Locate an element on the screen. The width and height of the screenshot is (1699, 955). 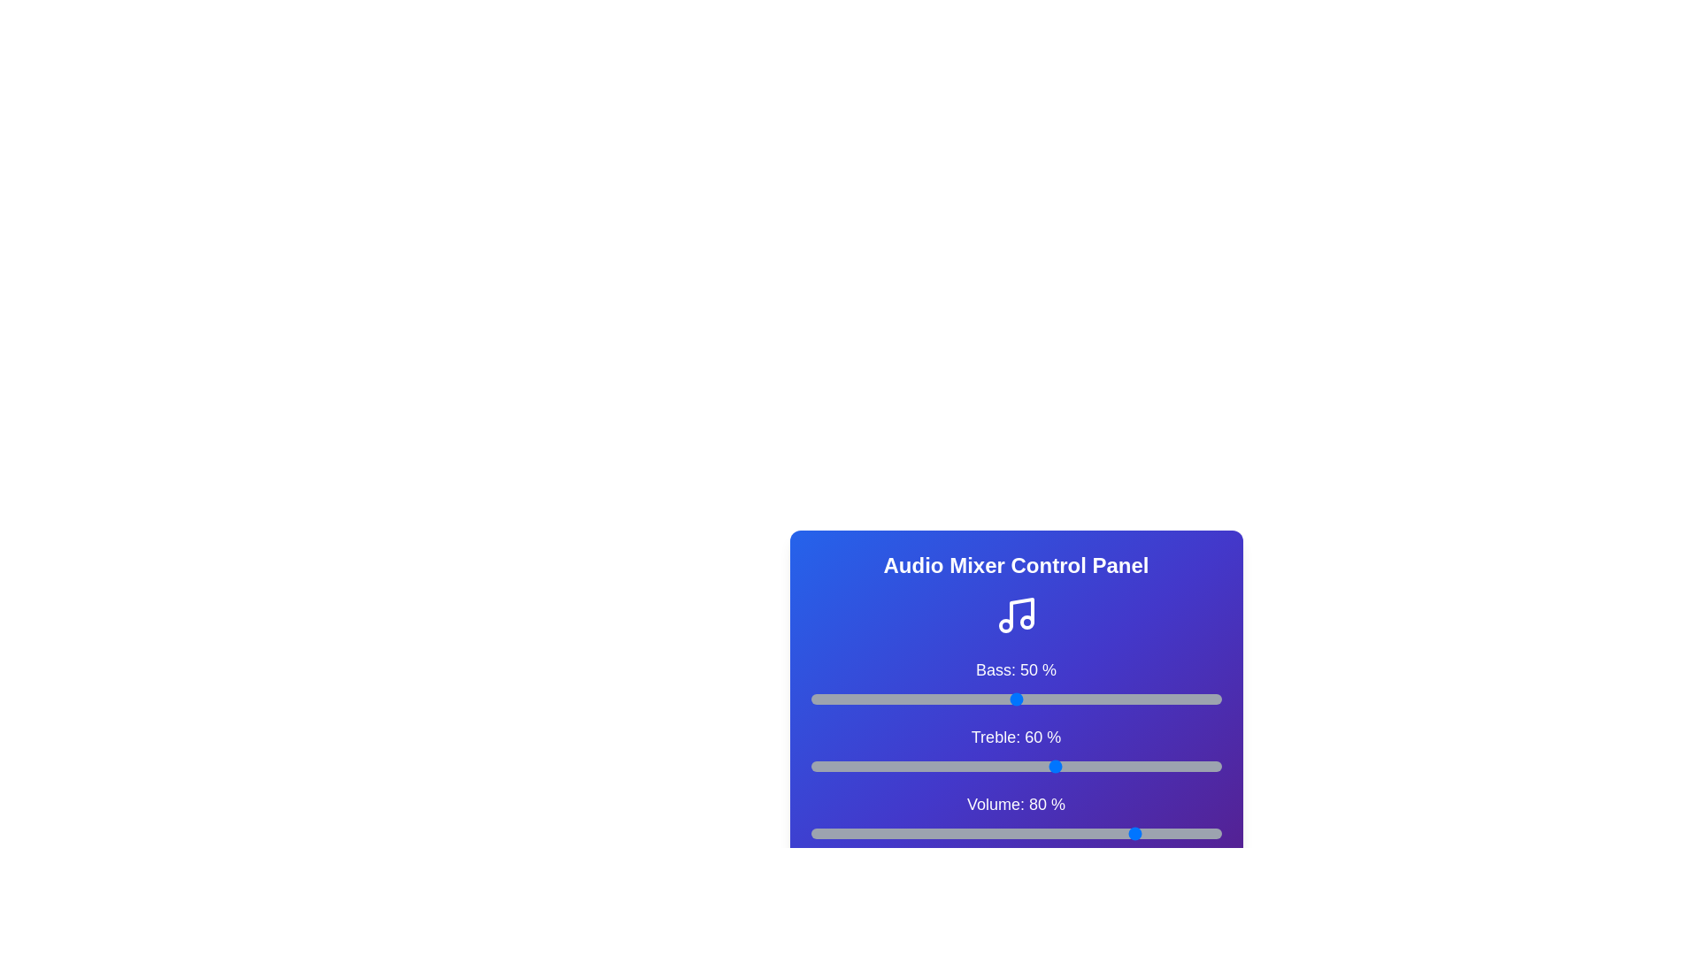
the music icon is located at coordinates (1016, 614).